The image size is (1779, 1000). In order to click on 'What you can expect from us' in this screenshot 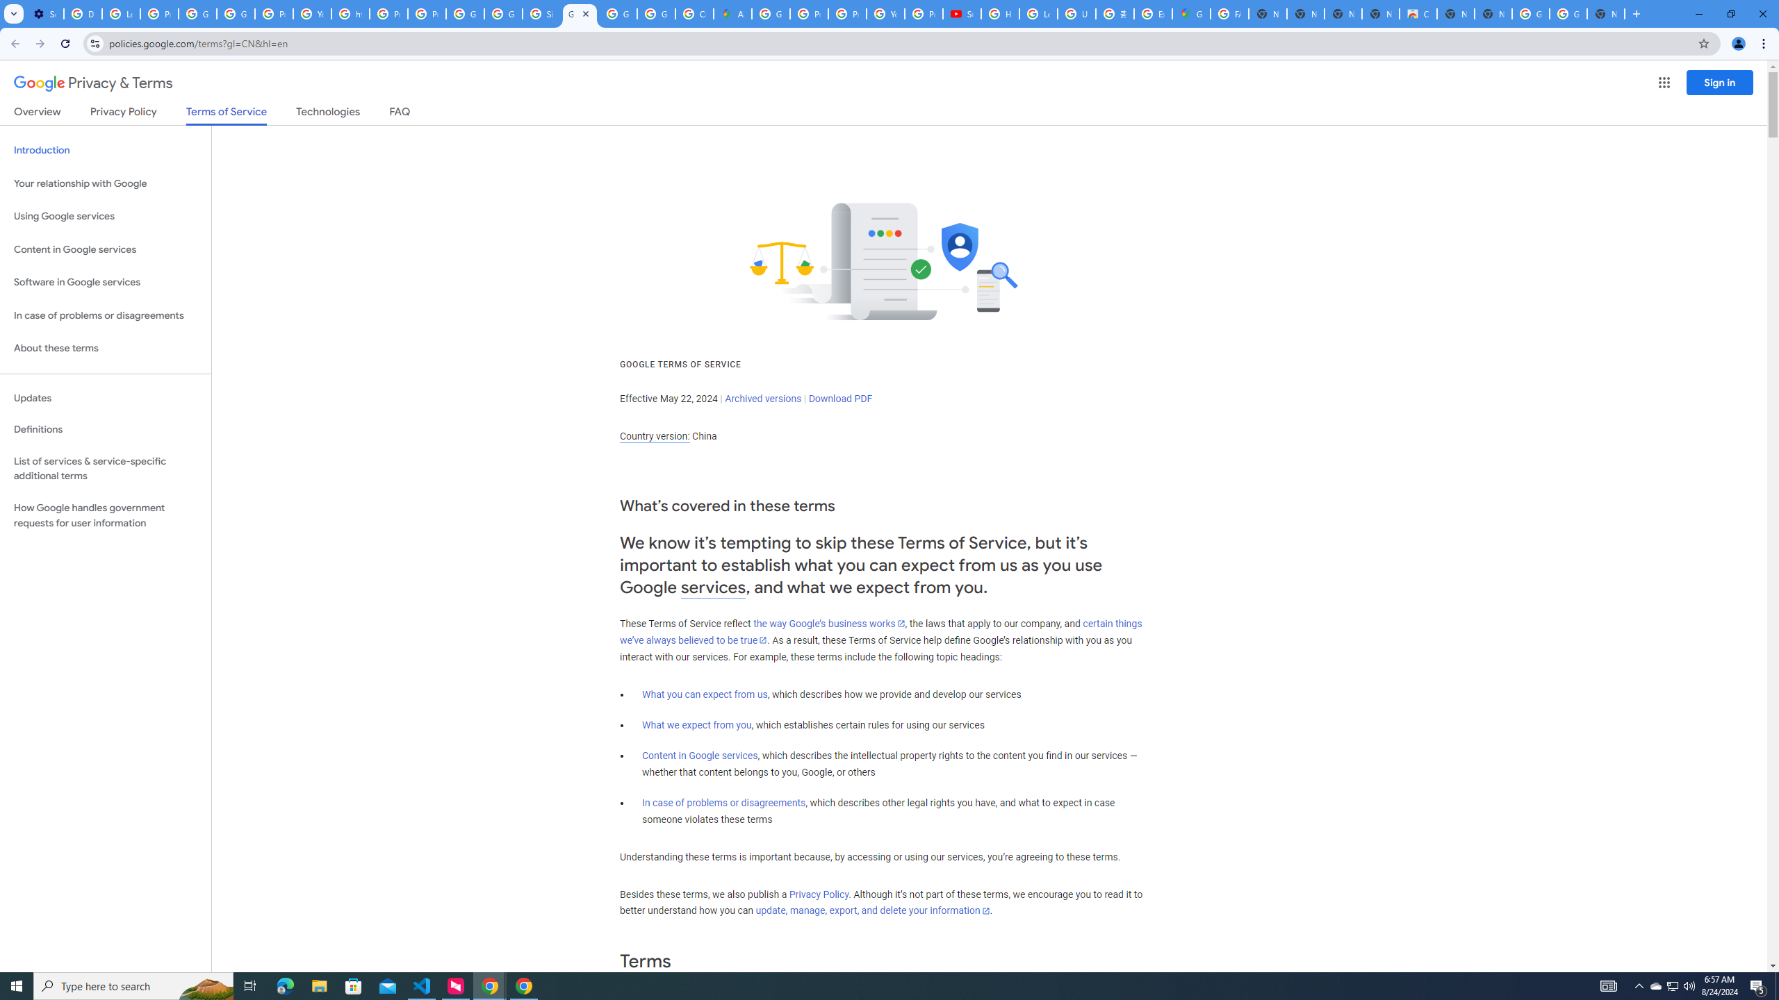, I will do `click(705, 694)`.